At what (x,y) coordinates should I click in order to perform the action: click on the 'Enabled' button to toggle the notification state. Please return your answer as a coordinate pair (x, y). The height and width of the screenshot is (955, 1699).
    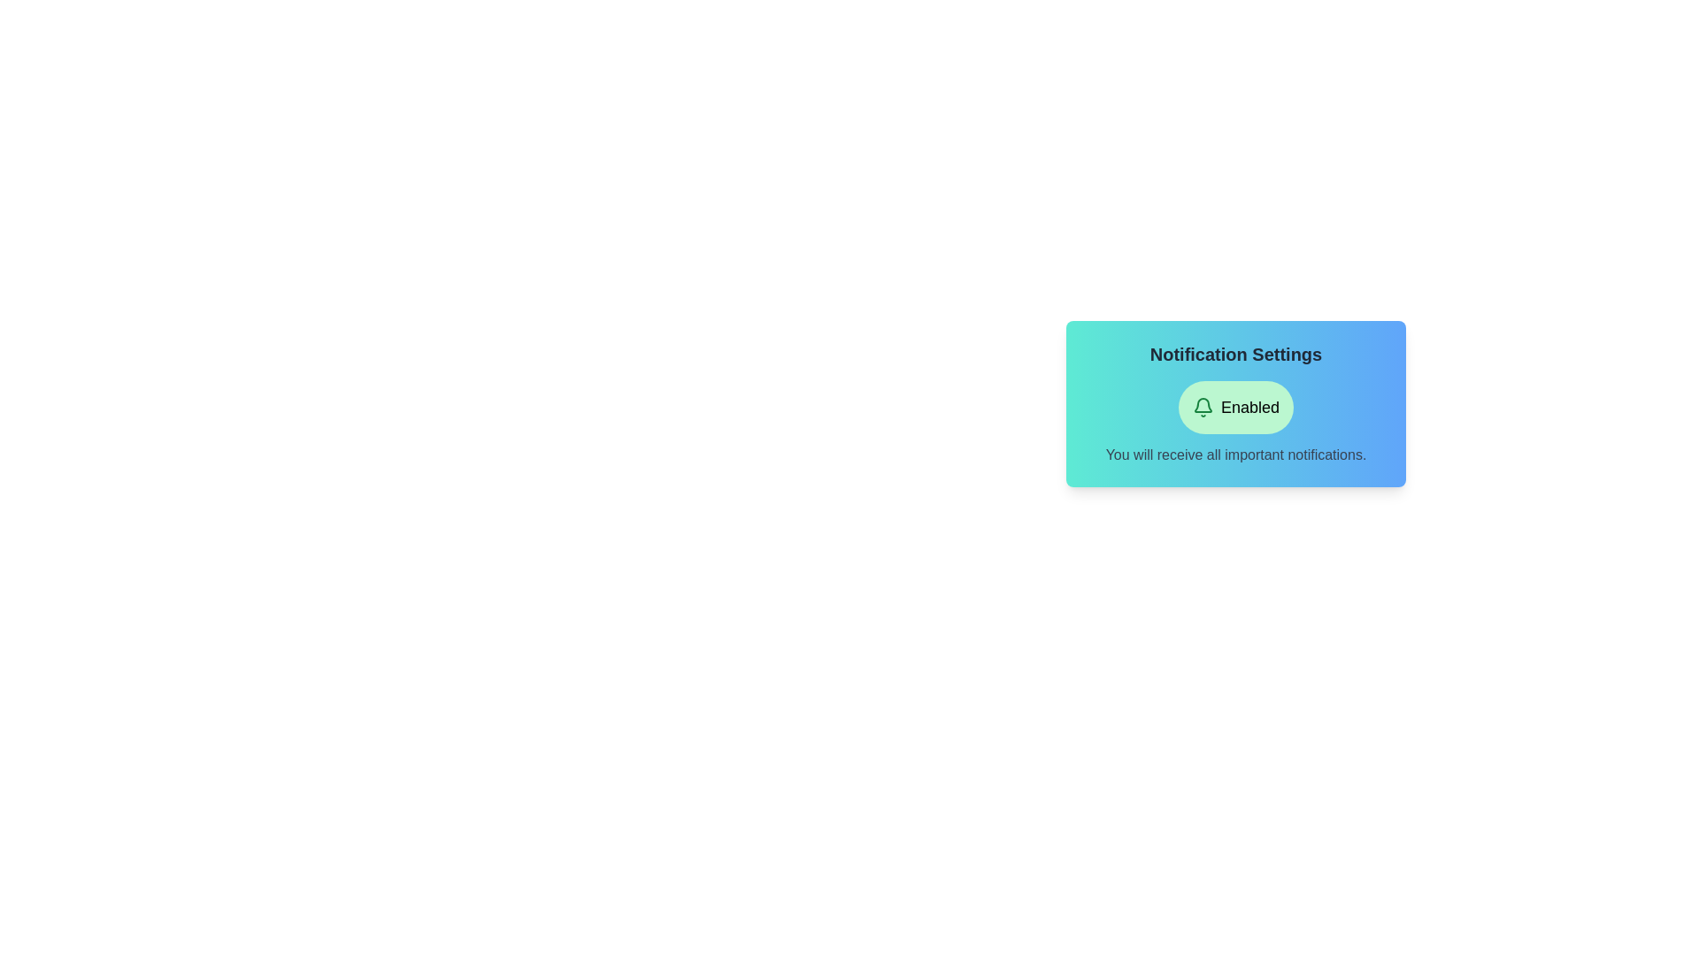
    Looking at the image, I should click on (1234, 408).